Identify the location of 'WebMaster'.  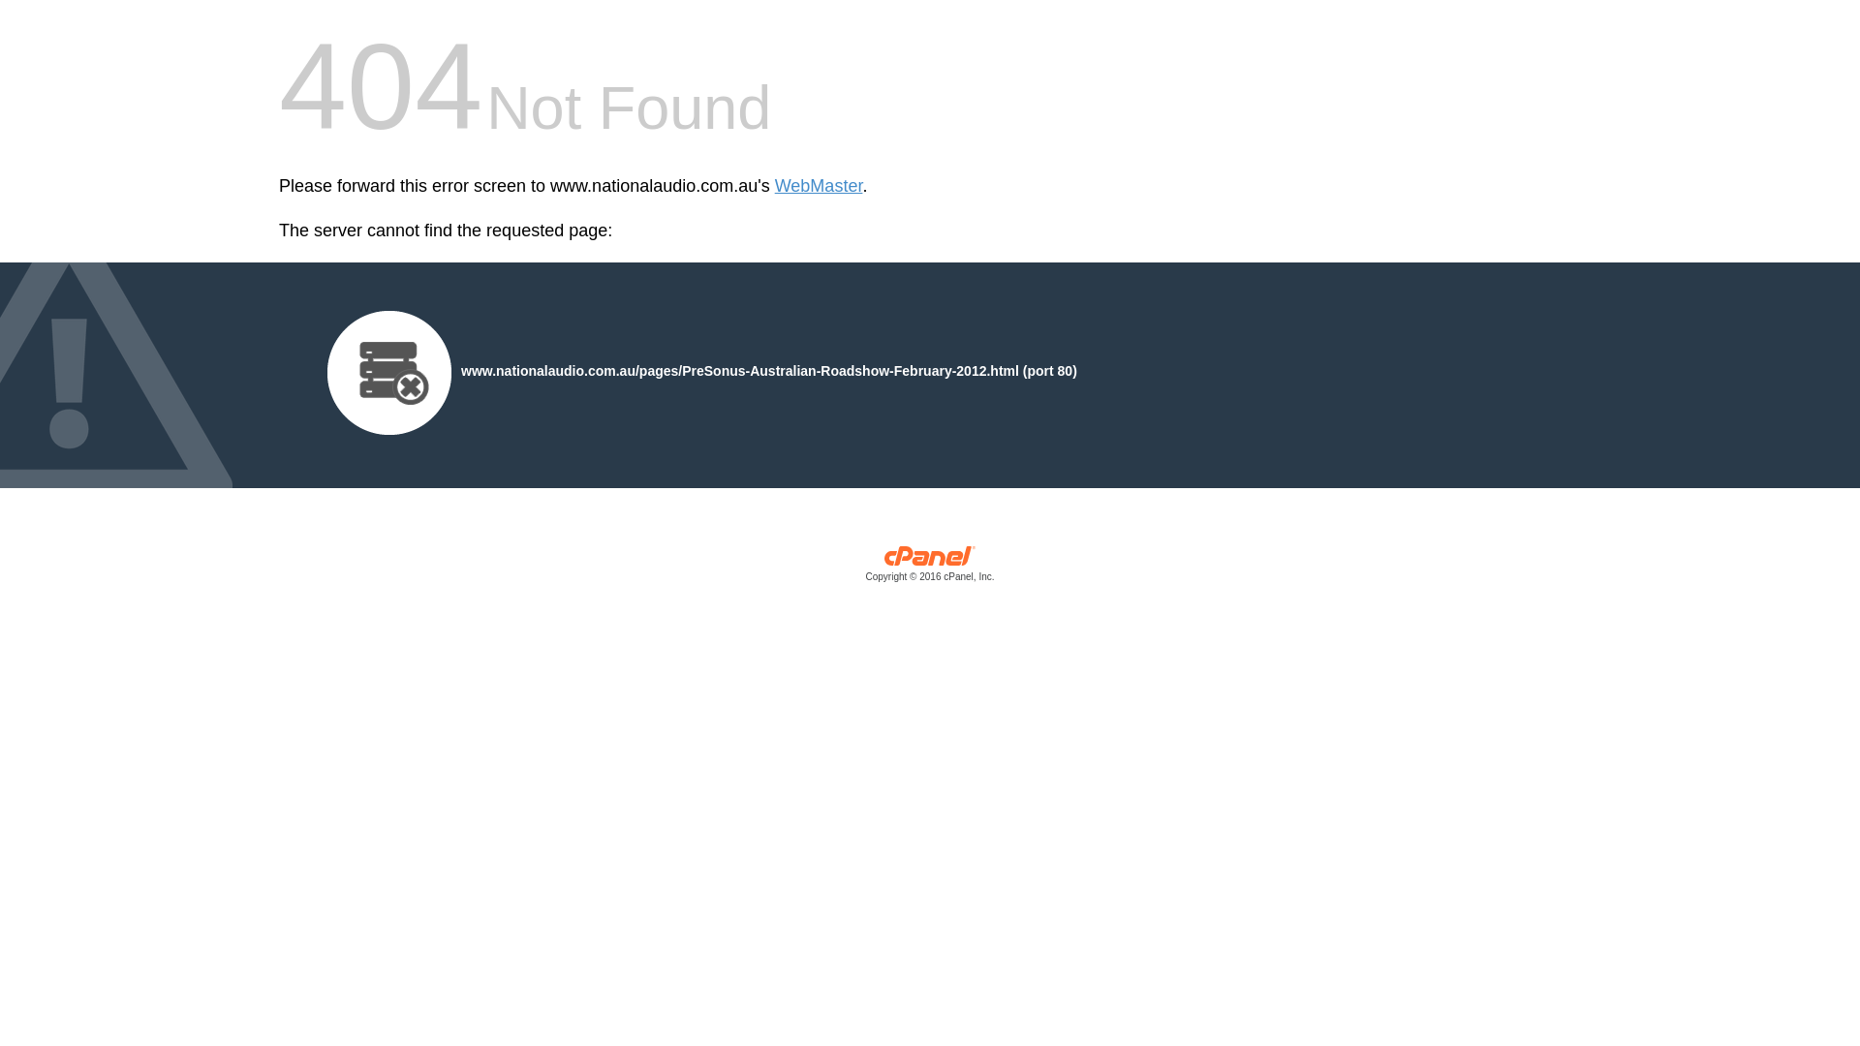
(819, 186).